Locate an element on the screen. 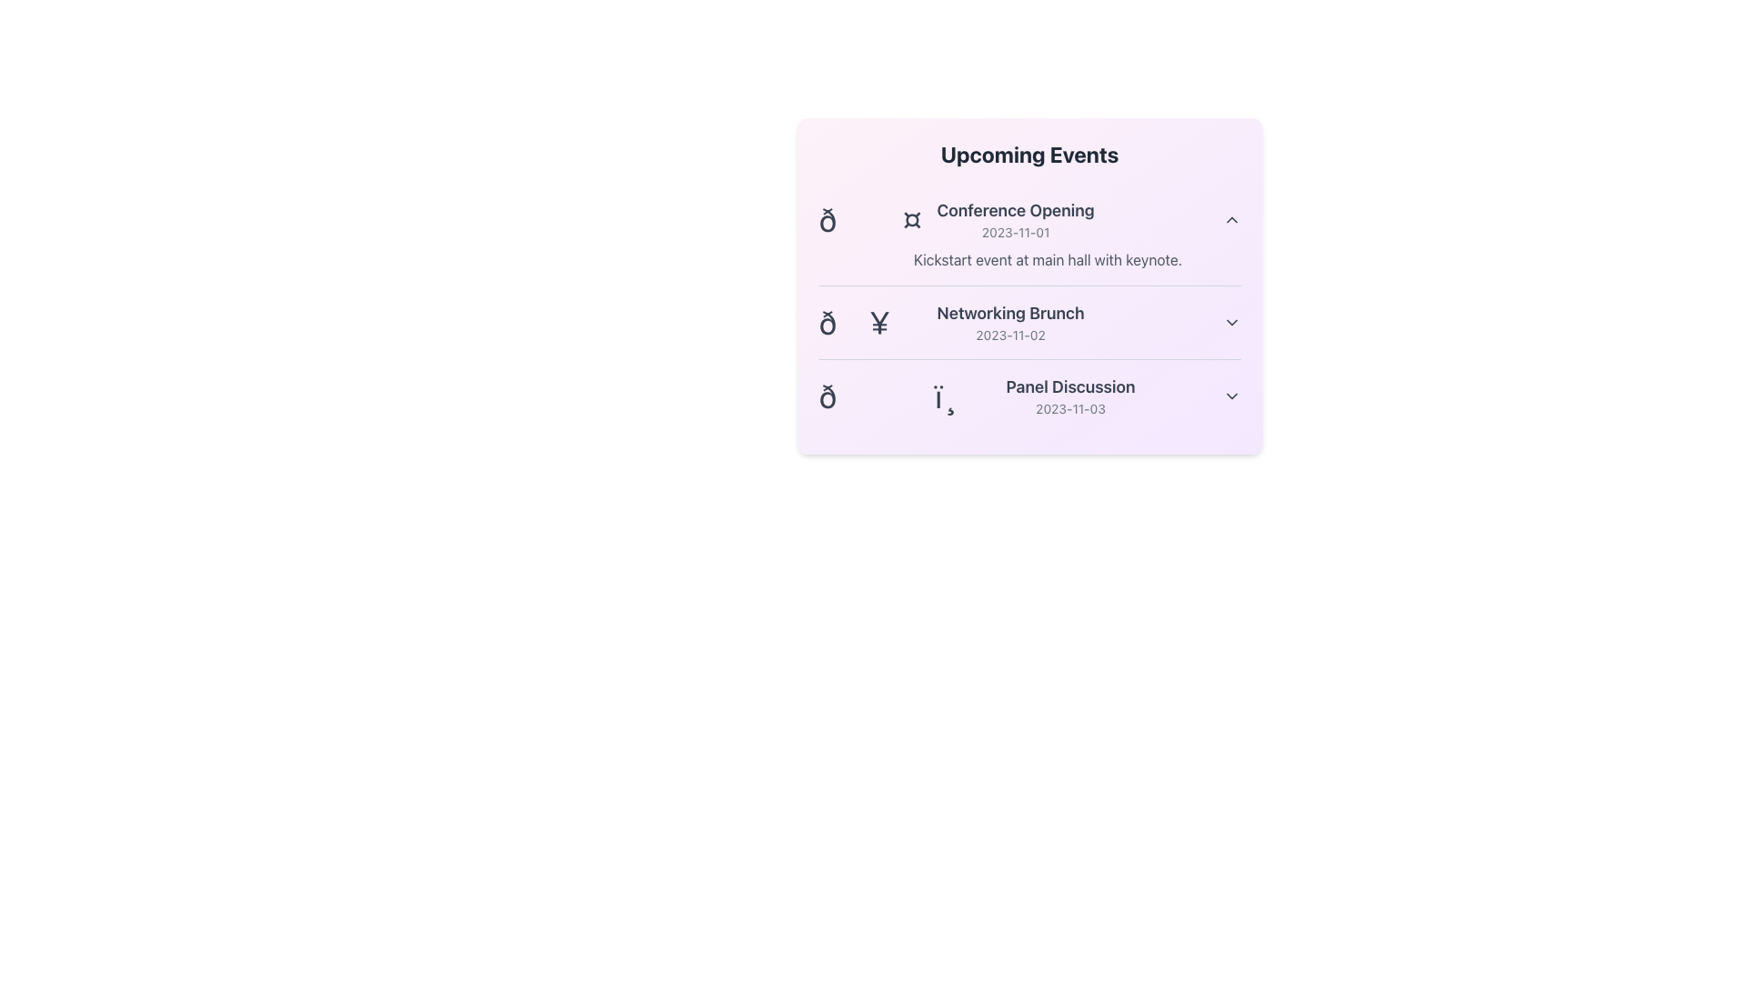 The image size is (1746, 982). the last item is located at coordinates (1029, 395).